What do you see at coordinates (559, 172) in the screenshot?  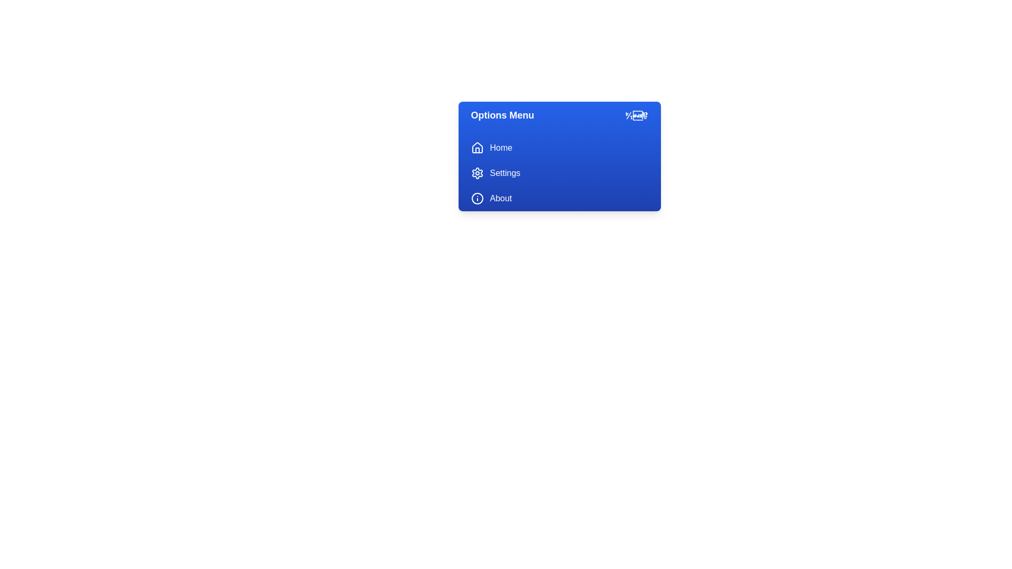 I see `the 'Settings' option in the menu` at bounding box center [559, 172].